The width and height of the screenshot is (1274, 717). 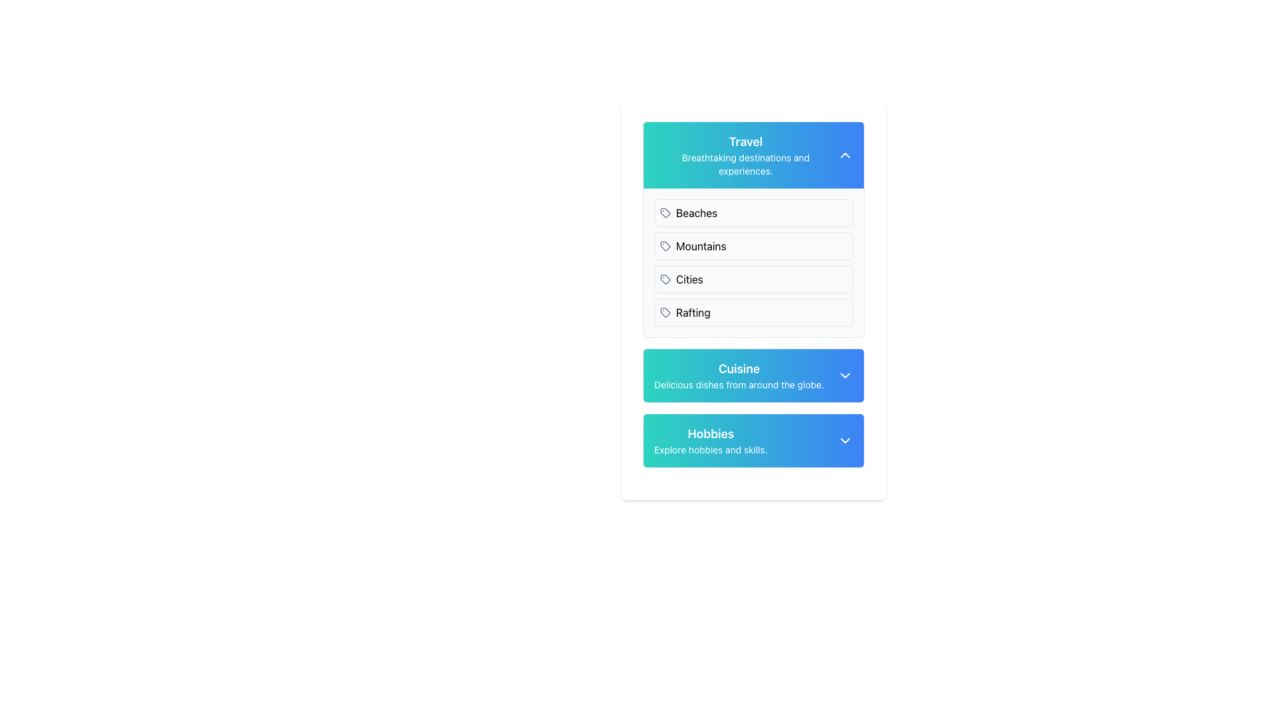 What do you see at coordinates (665, 278) in the screenshot?
I see `the SVG Icon that visually signifies the 'Cities' category, positioned to the left of the text labeled 'Cities' in the list of categories under 'Travel'` at bounding box center [665, 278].